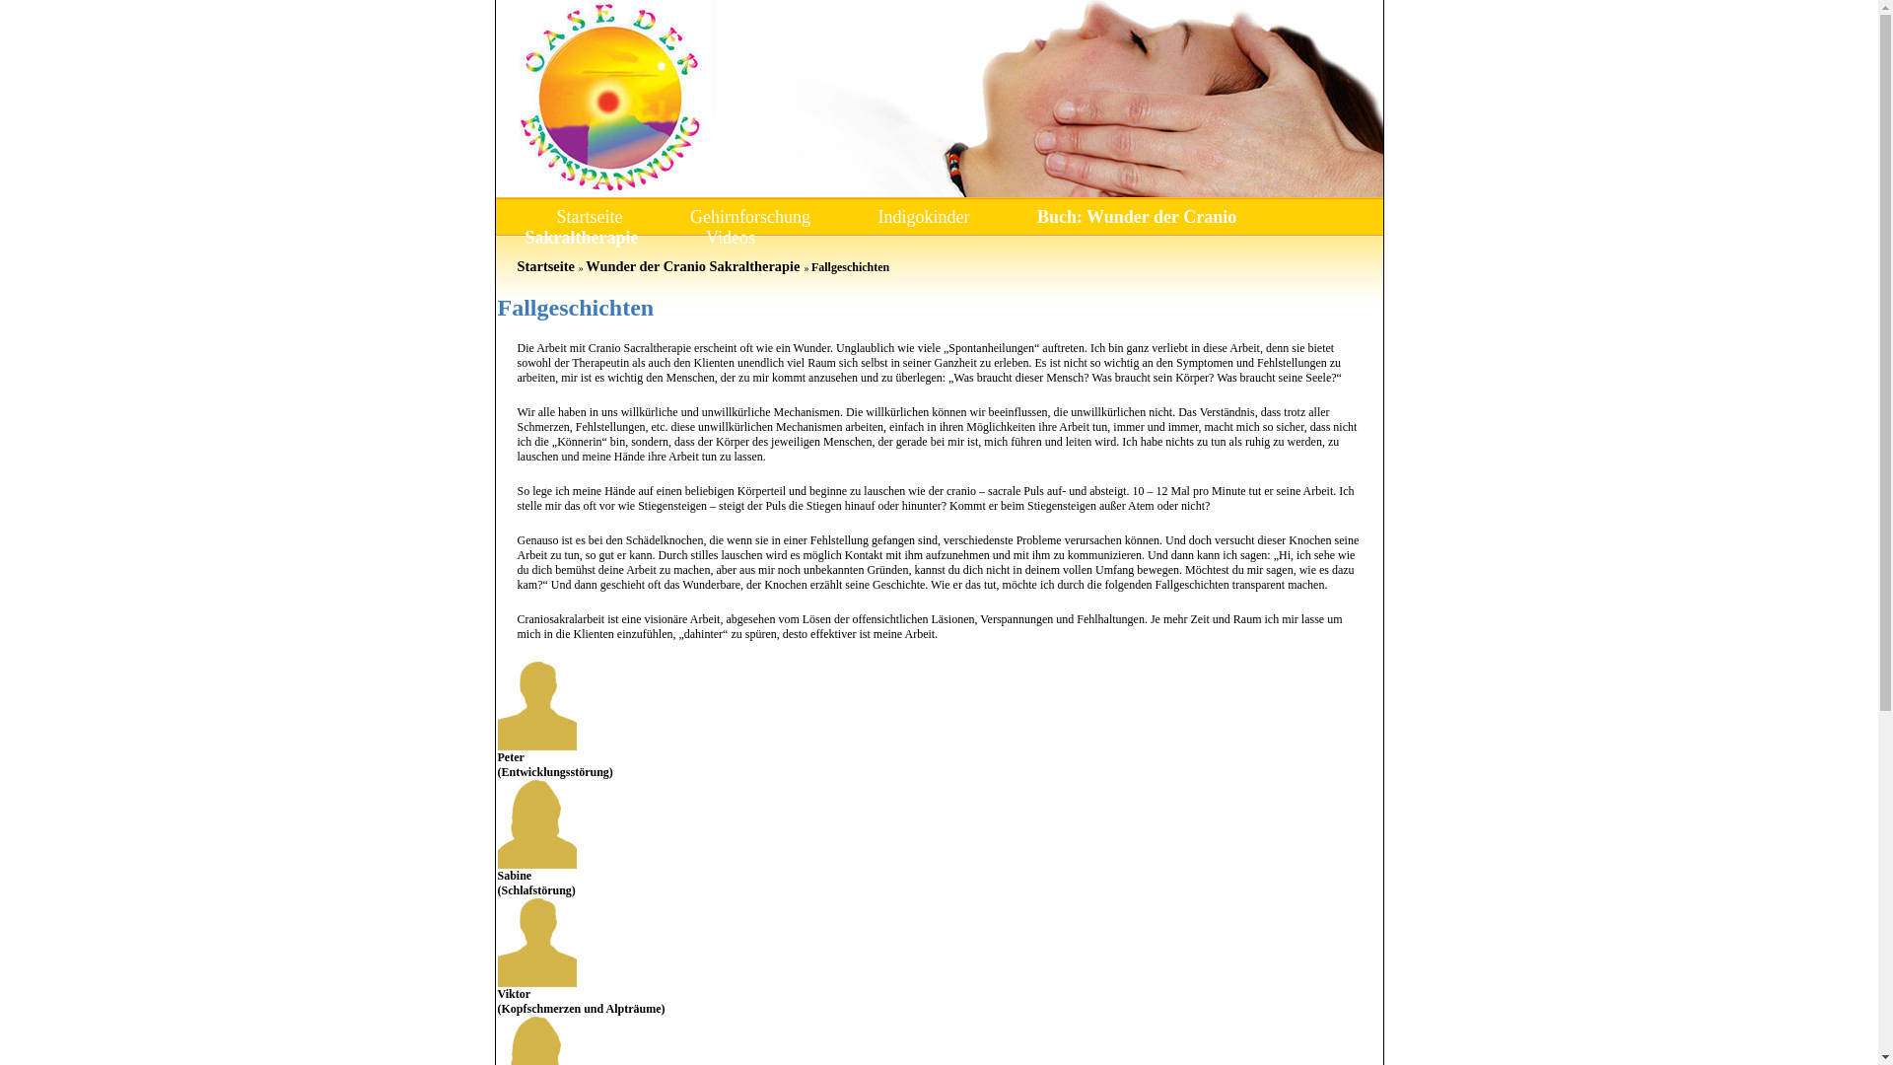  I want to click on 'Wunder der Cranio Sakraltherapie', so click(692, 266).